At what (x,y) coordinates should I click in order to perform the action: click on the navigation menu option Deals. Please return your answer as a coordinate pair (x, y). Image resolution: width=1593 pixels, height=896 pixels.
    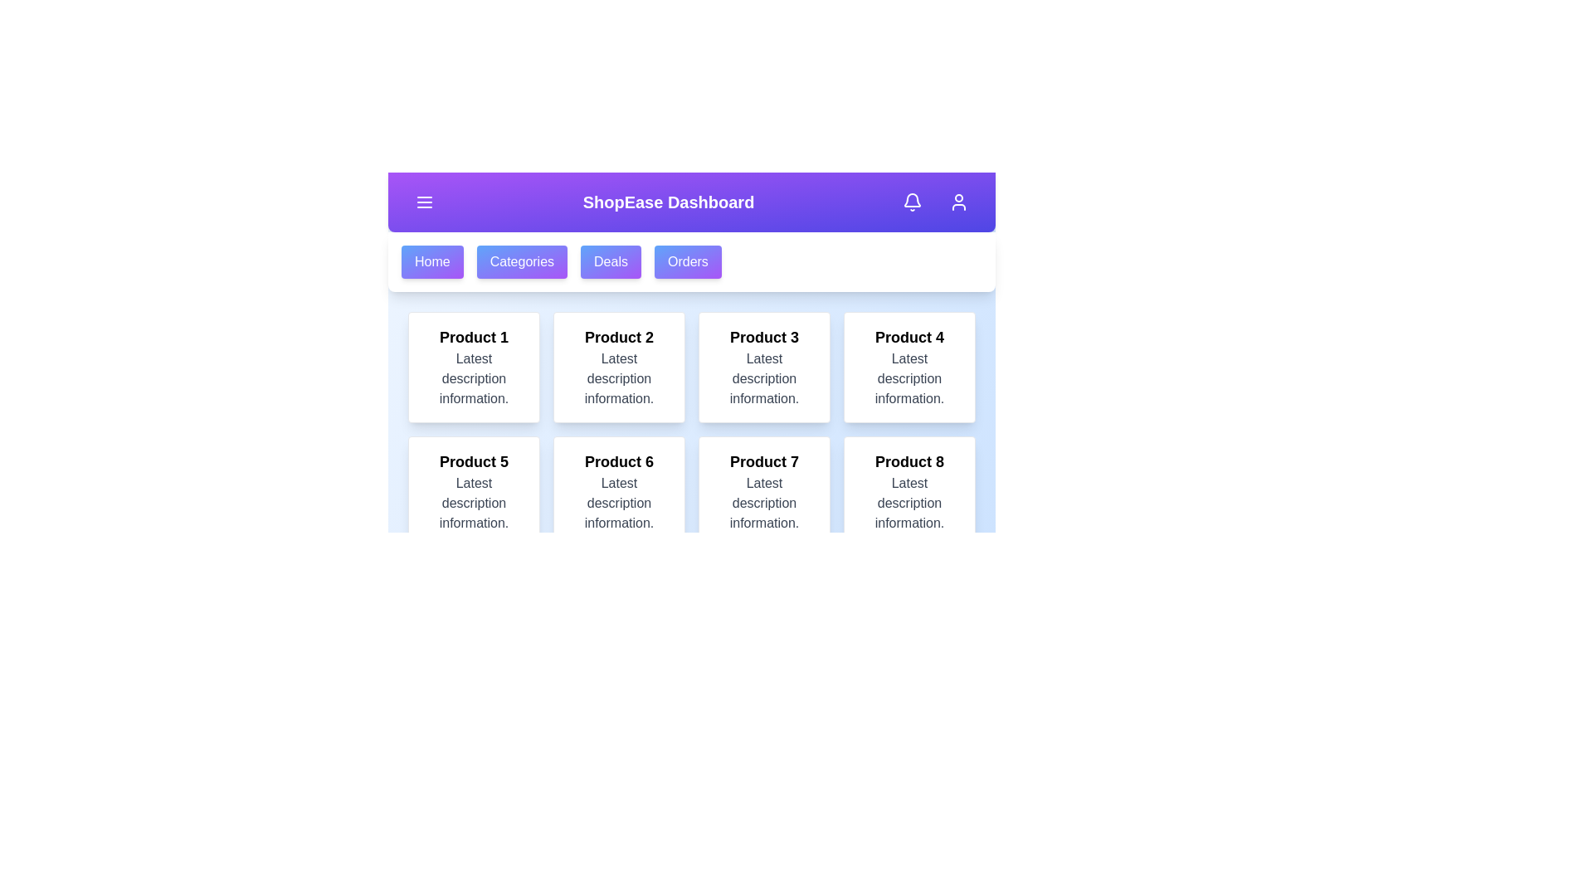
    Looking at the image, I should click on (610, 261).